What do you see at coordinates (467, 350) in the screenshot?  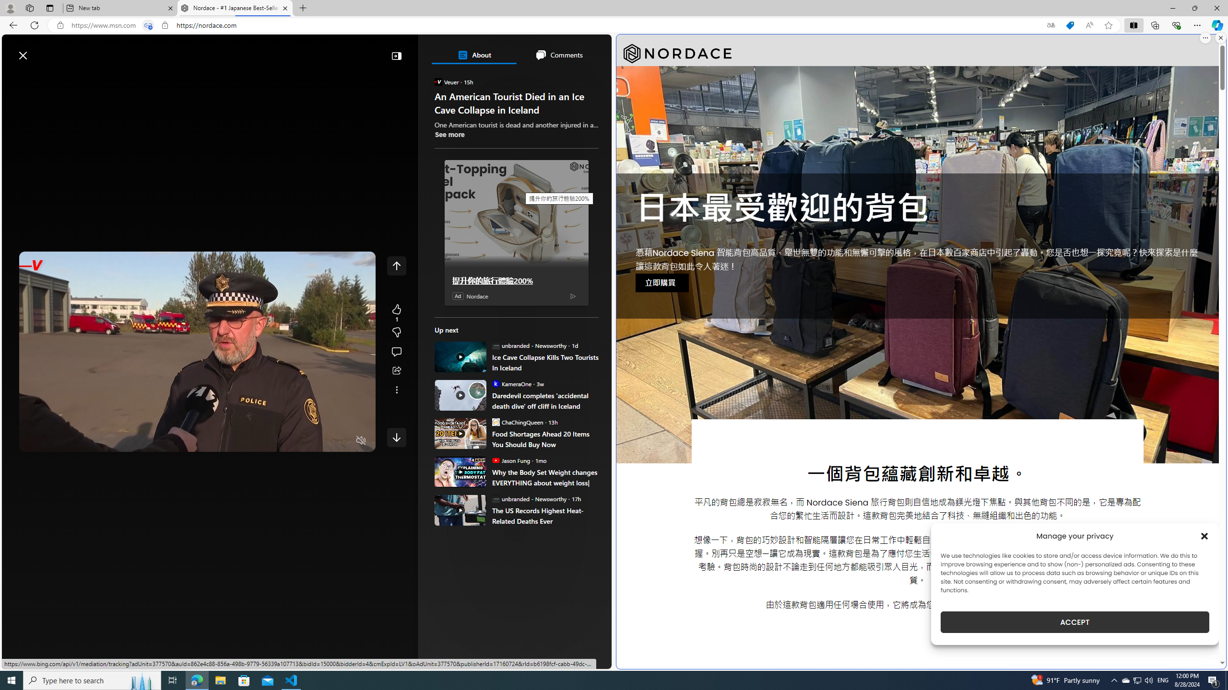 I see `'ABC News'` at bounding box center [467, 350].